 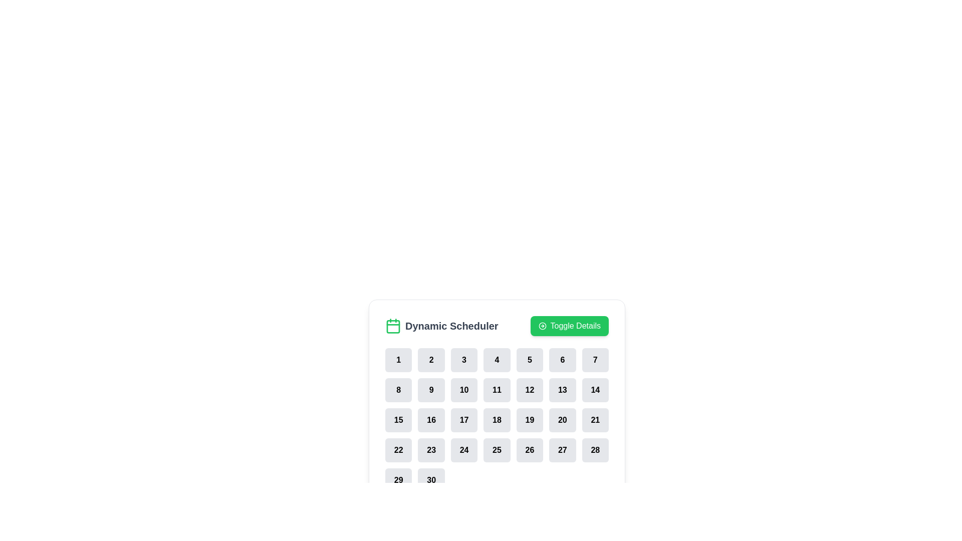 What do you see at coordinates (463, 420) in the screenshot?
I see `the rounded square button with bold black text "17" that changes its background to green when hovered, located under the header labeled "Dynamic Scheduler"` at bounding box center [463, 420].